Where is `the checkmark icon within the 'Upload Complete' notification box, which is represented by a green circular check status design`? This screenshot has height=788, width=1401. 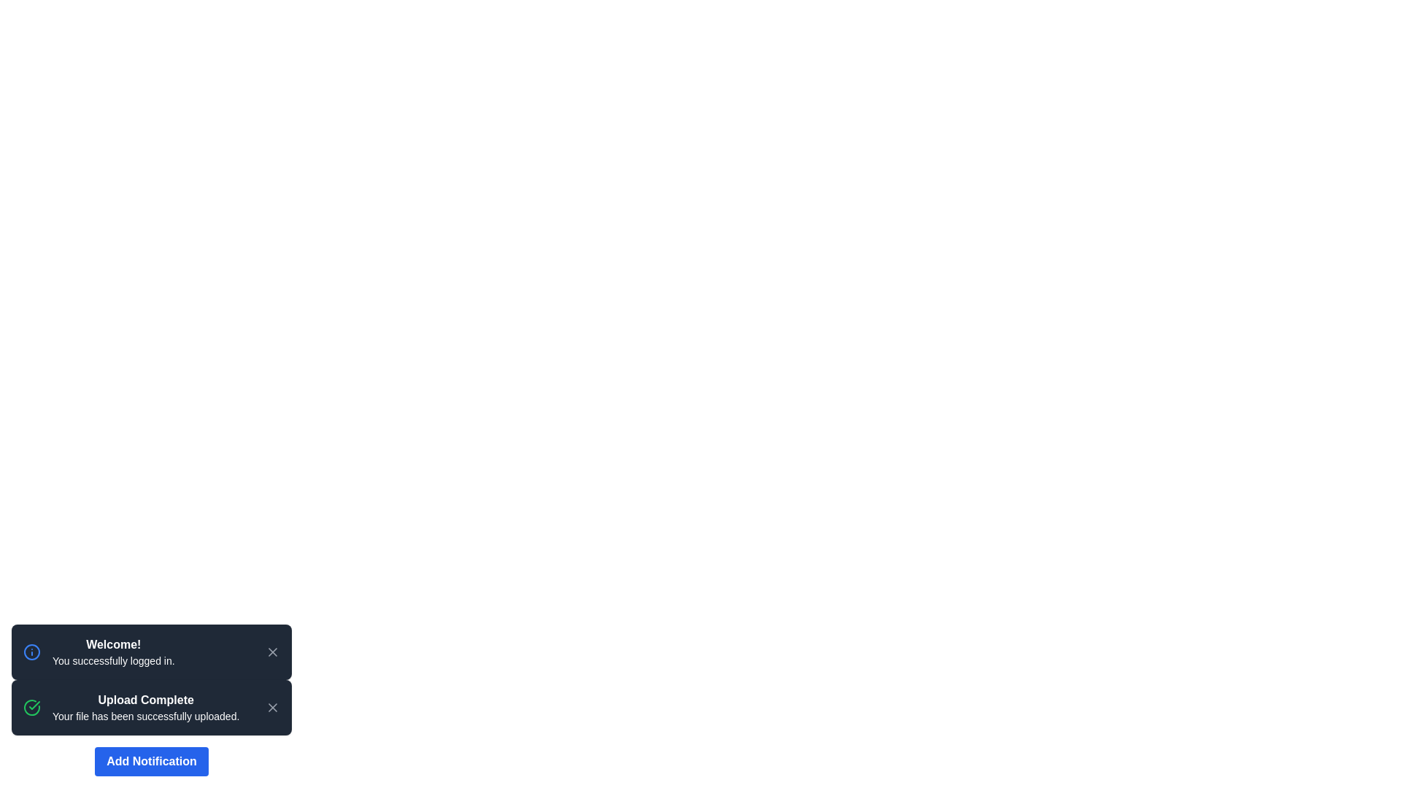
the checkmark icon within the 'Upload Complete' notification box, which is represented by a green circular check status design is located at coordinates (34, 705).